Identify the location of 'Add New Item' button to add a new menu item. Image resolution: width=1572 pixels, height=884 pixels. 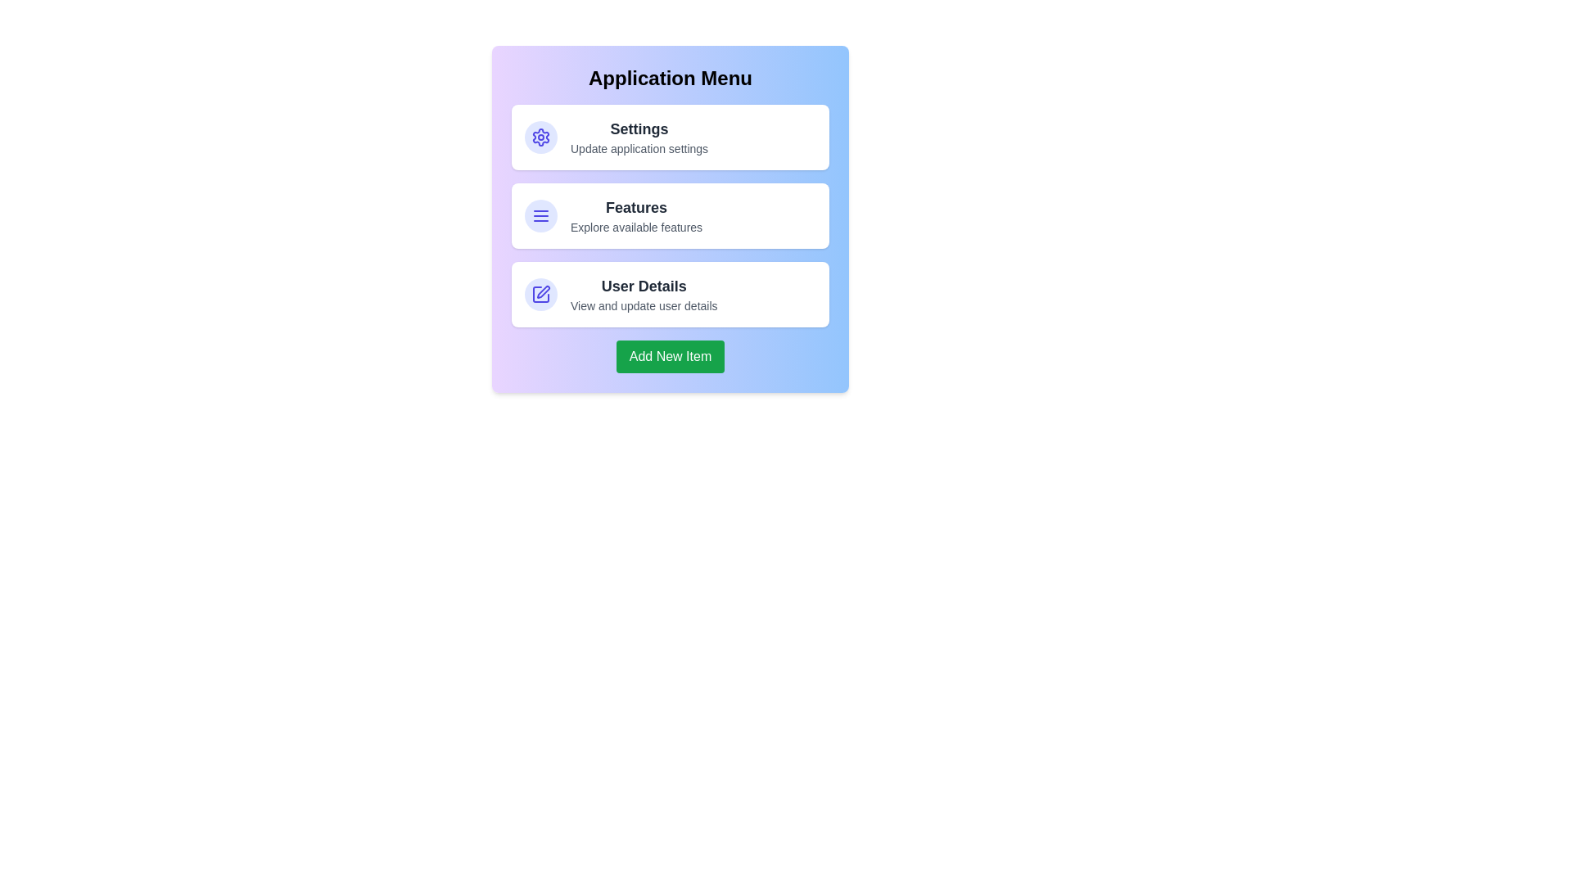
(671, 355).